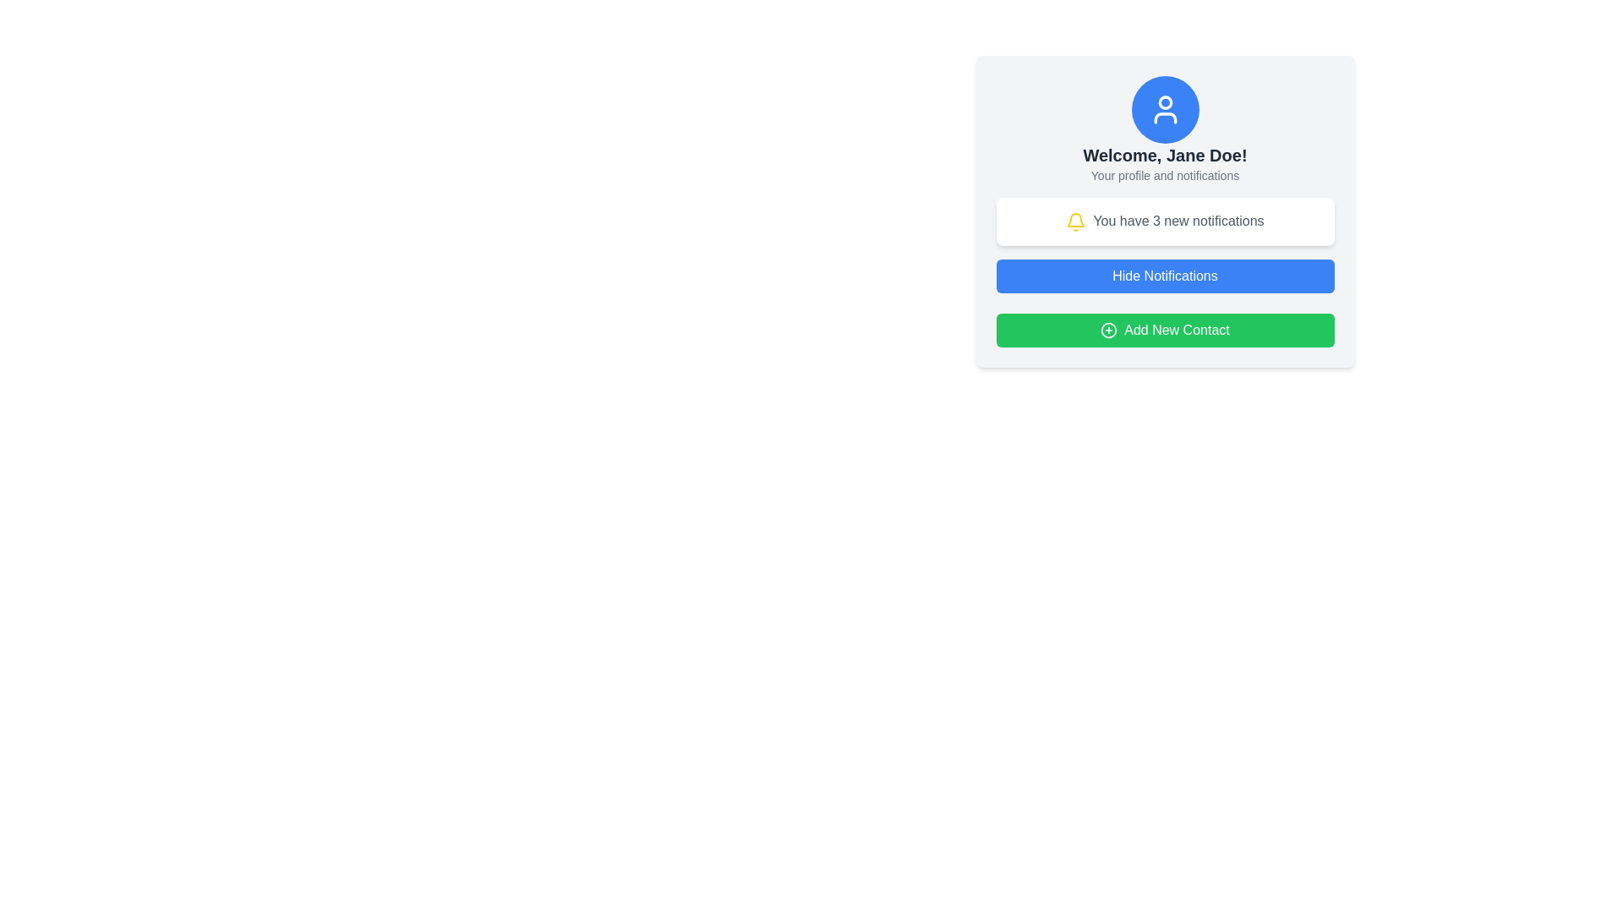 The height and width of the screenshot is (913, 1623). What do you see at coordinates (1164, 176) in the screenshot?
I see `the informational subtitle text label located below the 'Welcome, Jane Doe!' text, summarizing the user's profile and notifications` at bounding box center [1164, 176].